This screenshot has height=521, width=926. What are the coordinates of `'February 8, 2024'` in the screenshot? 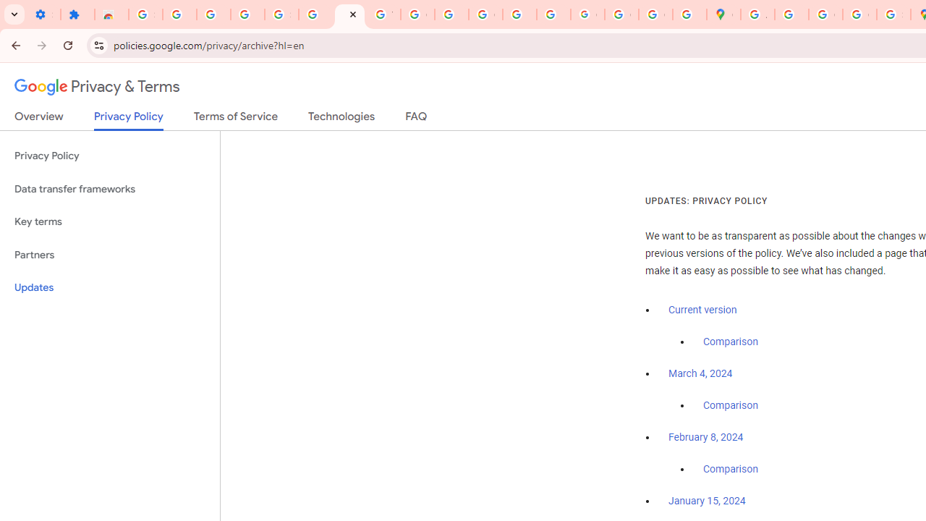 It's located at (706, 437).